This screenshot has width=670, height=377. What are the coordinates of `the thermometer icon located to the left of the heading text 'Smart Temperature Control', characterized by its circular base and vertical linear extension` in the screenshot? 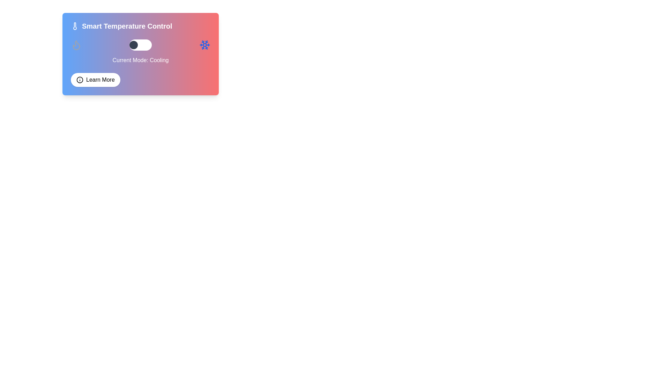 It's located at (75, 25).